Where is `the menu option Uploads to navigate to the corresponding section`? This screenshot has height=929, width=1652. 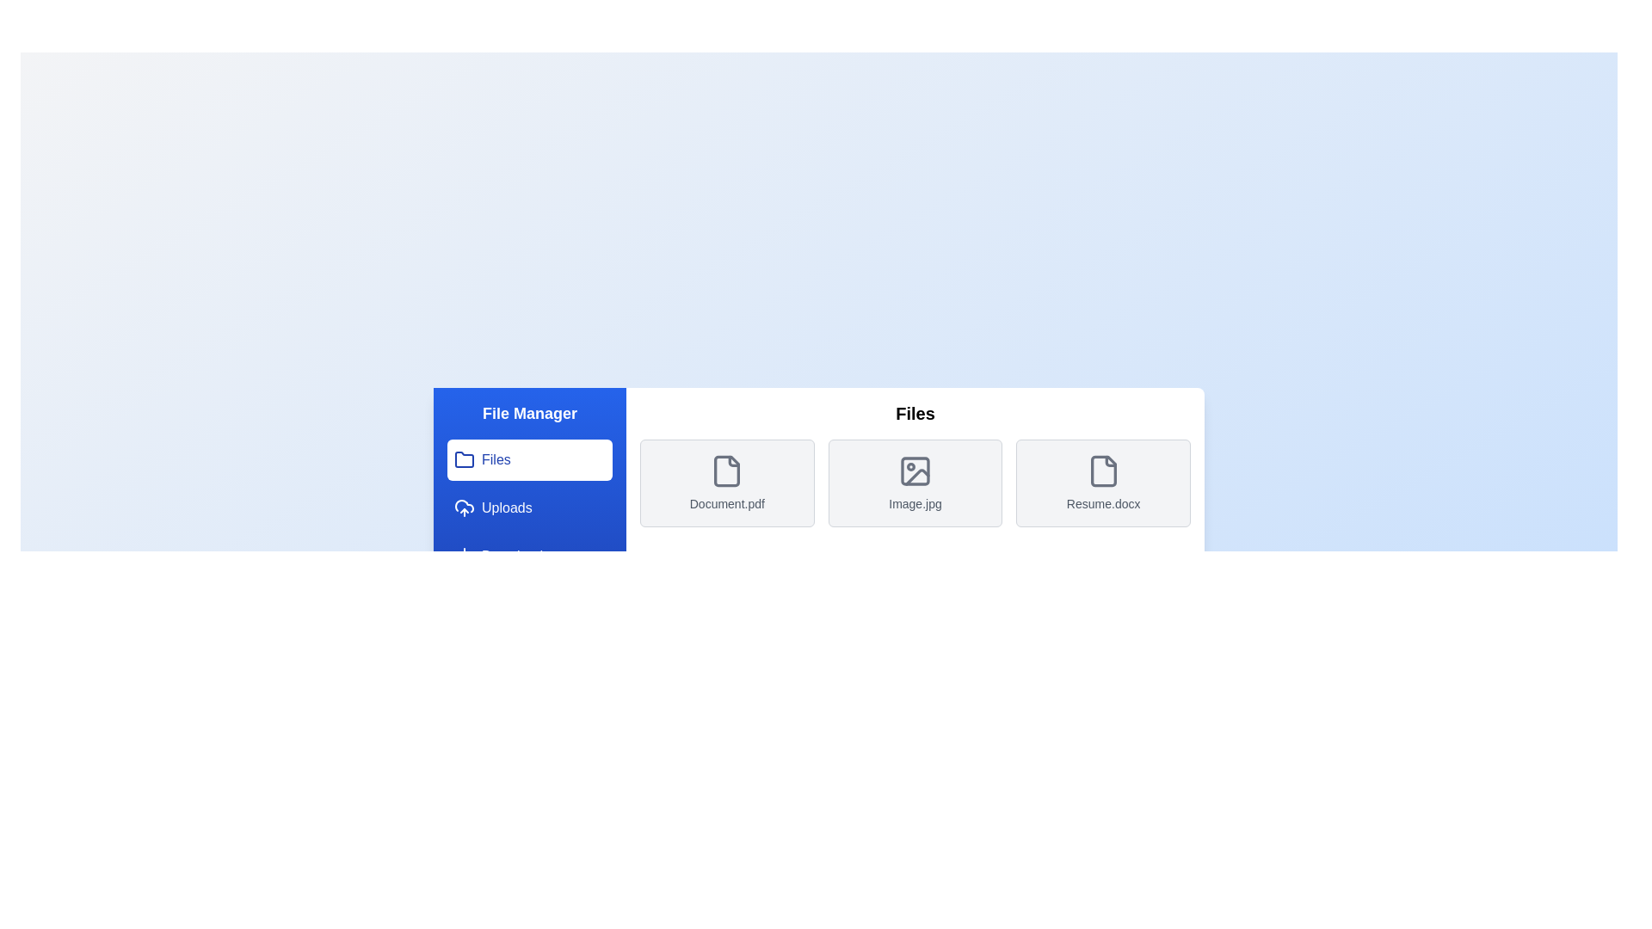 the menu option Uploads to navigate to the corresponding section is located at coordinates (528, 507).